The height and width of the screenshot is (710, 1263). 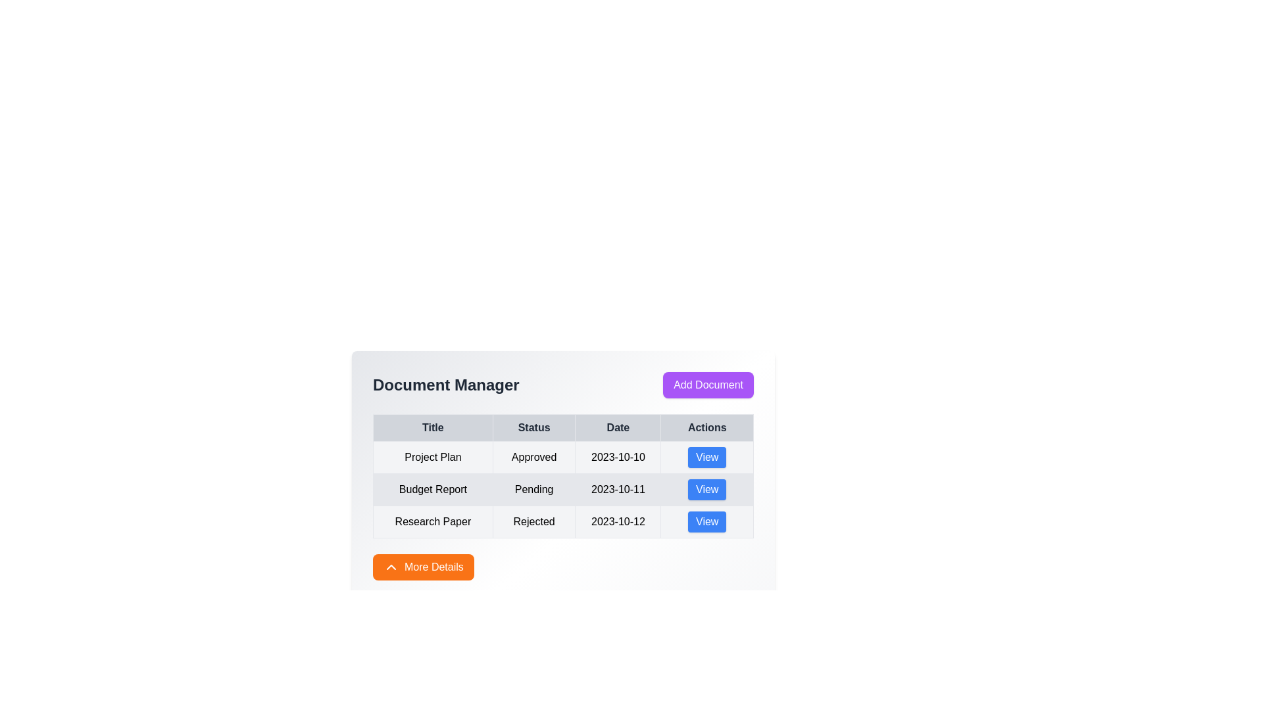 I want to click on the table cell displaying the approval status of the document 'Project Plan' marked as 'Approved' in the second column of the Document Manager section, so click(x=563, y=462).